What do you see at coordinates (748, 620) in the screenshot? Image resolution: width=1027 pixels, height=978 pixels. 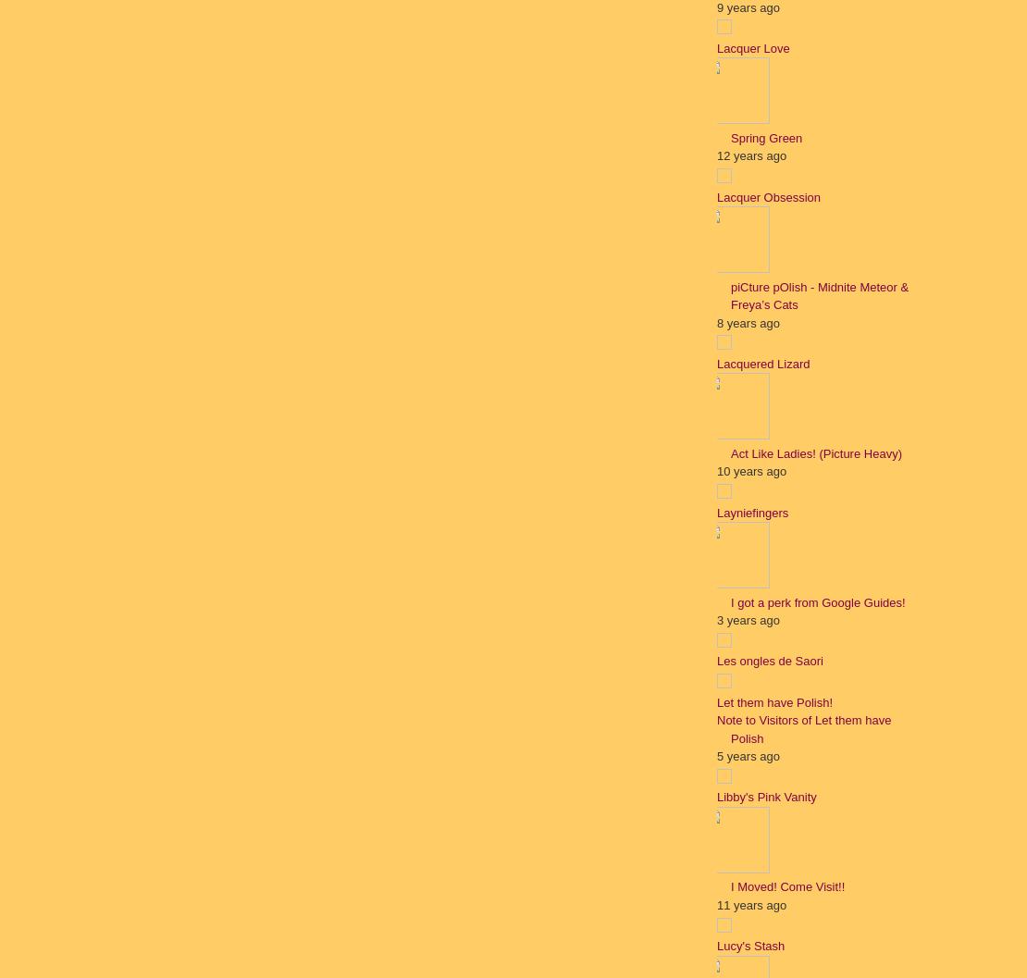 I see `'3 years ago'` at bounding box center [748, 620].